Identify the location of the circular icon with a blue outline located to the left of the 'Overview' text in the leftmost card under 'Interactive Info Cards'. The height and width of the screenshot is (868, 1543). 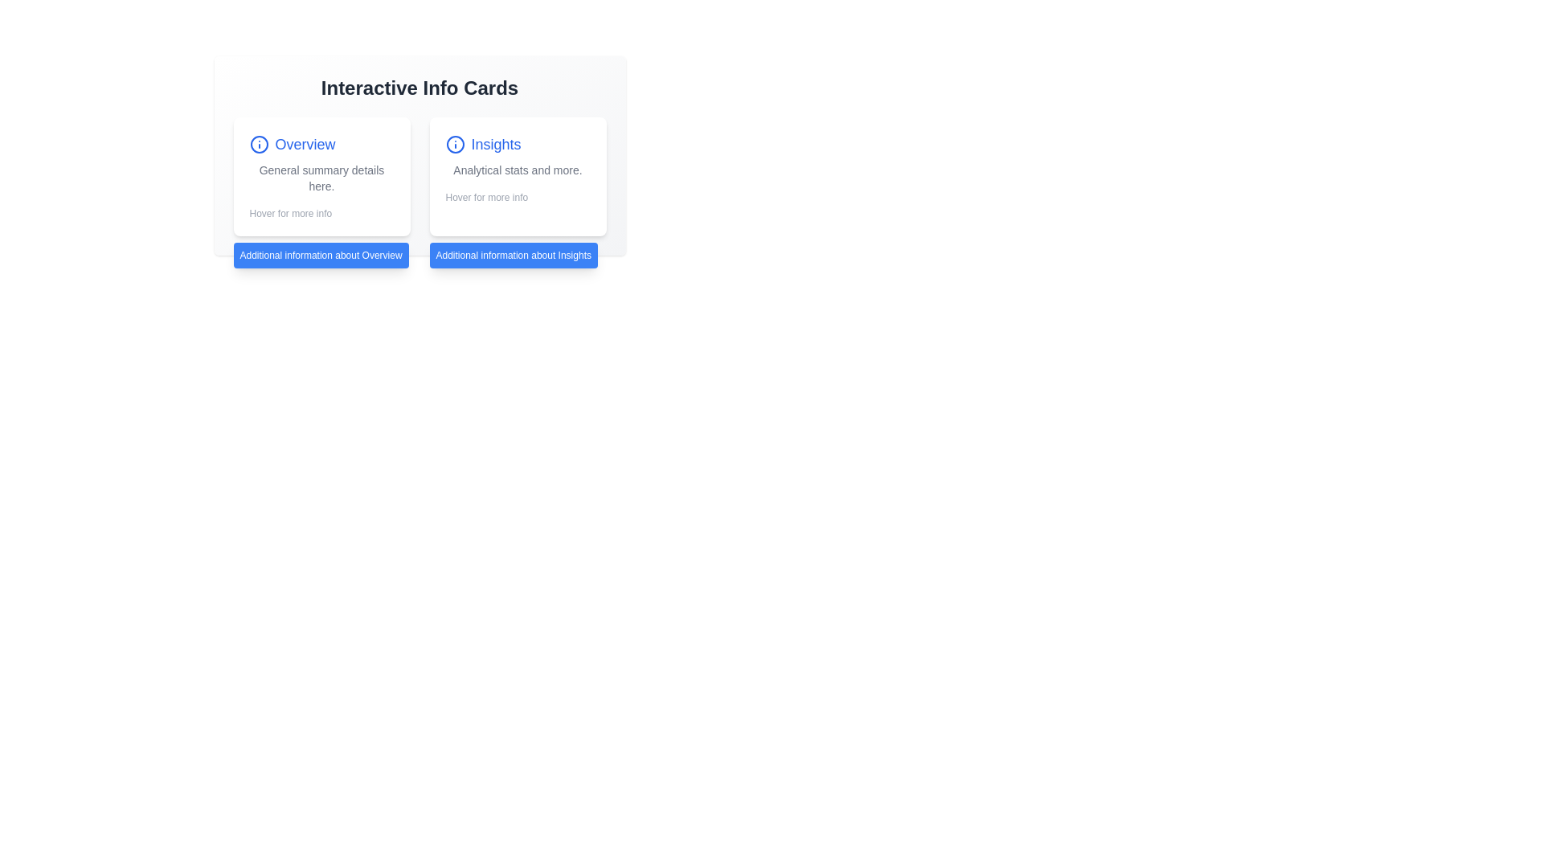
(259, 145).